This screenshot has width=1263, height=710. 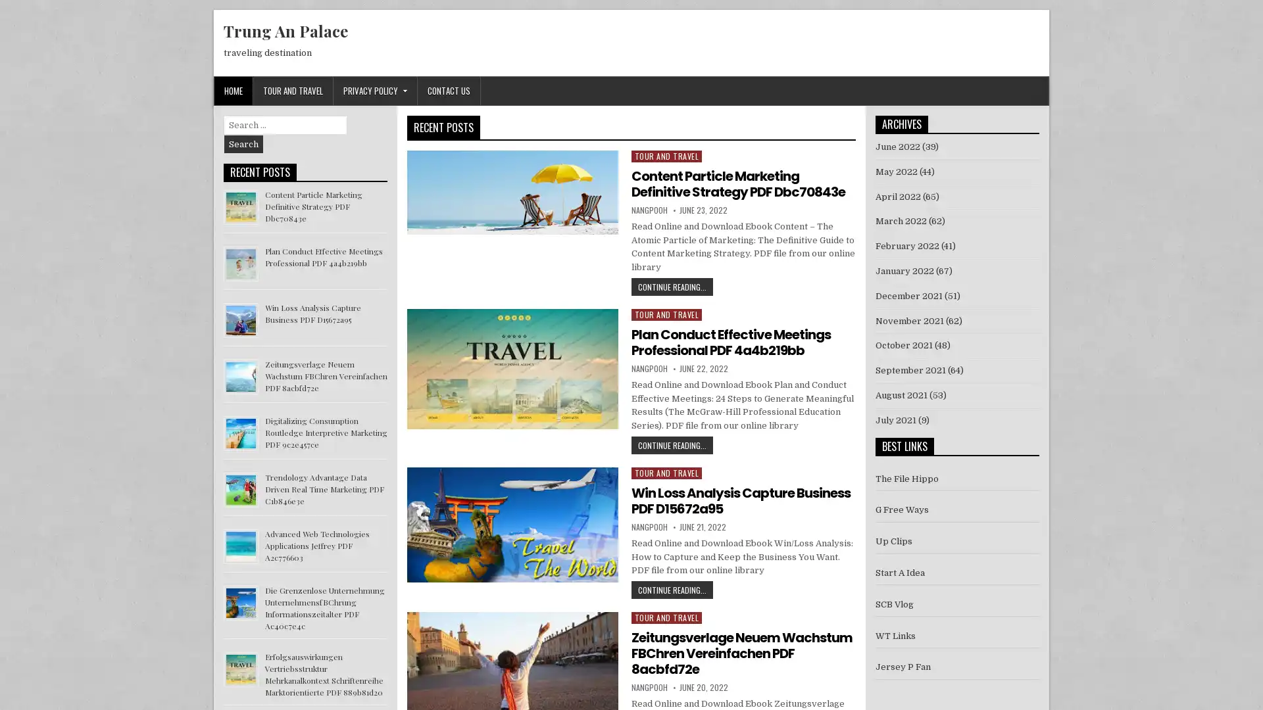 I want to click on Search, so click(x=243, y=144).